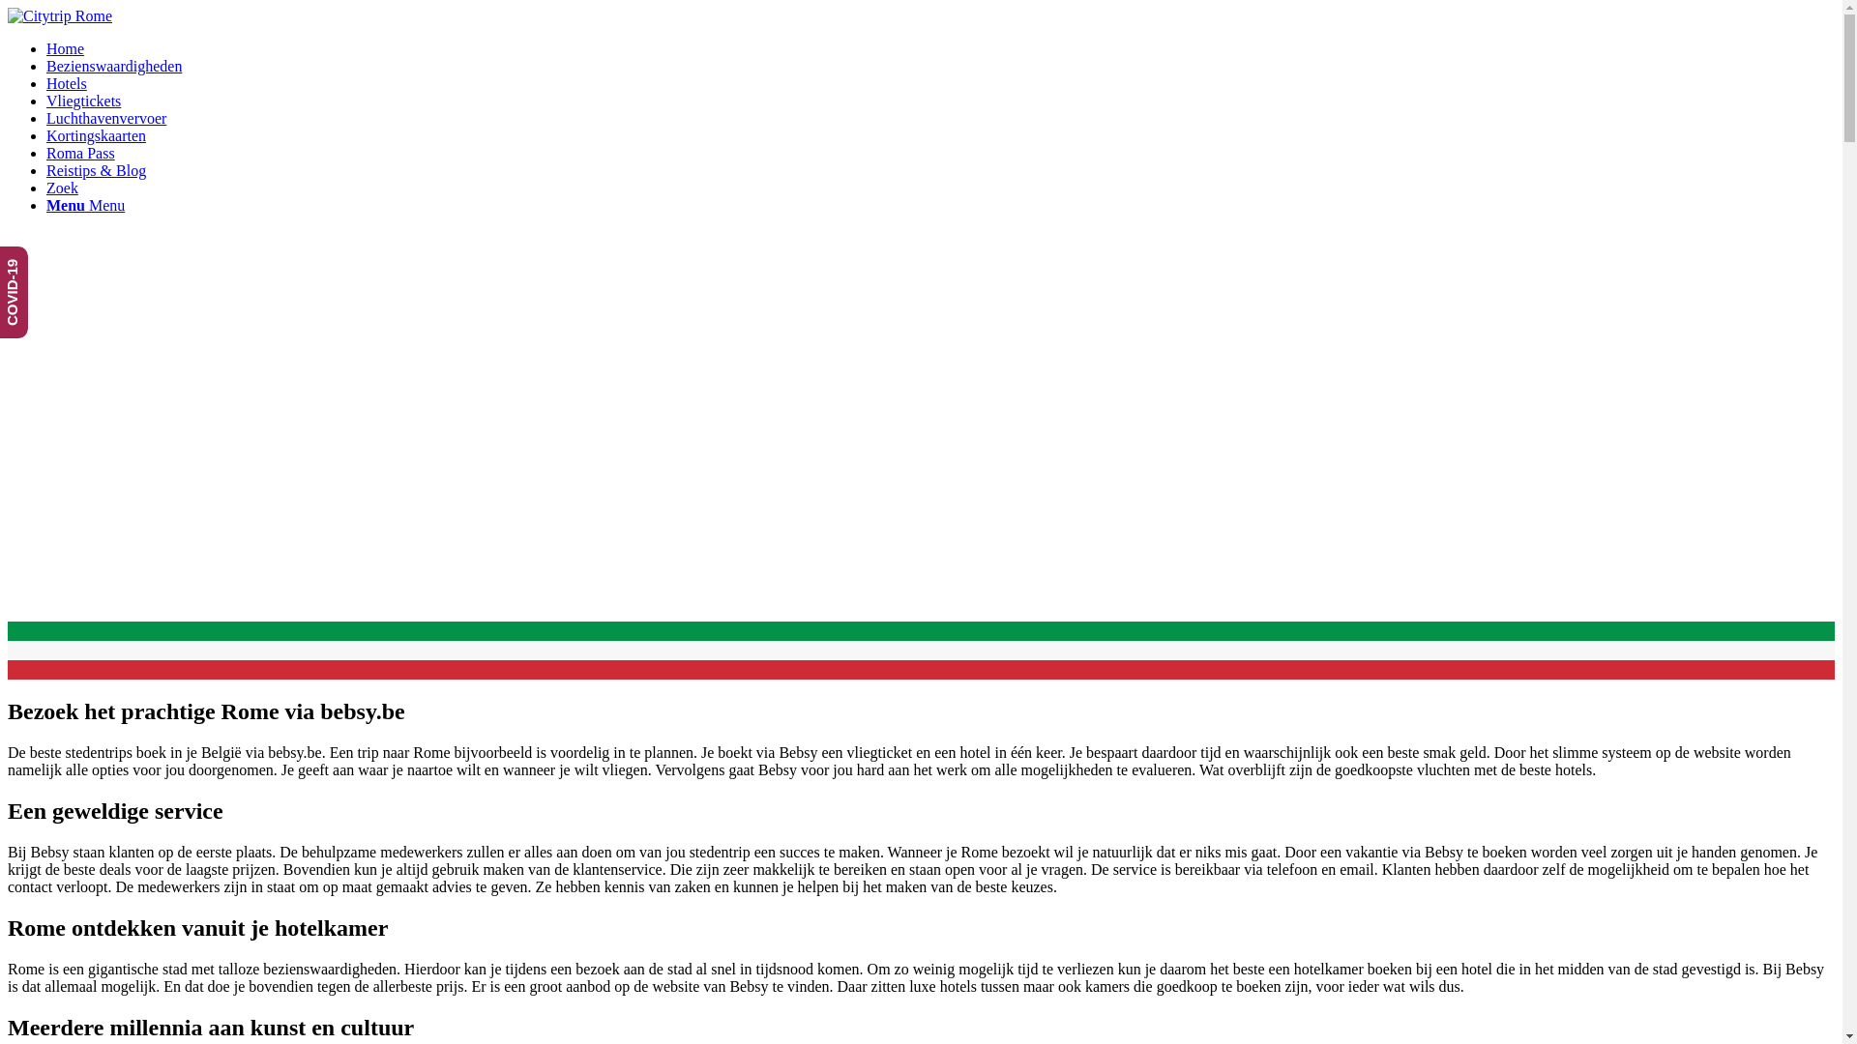 This screenshot has height=1044, width=1857. What do you see at coordinates (65, 47) in the screenshot?
I see `'Home'` at bounding box center [65, 47].